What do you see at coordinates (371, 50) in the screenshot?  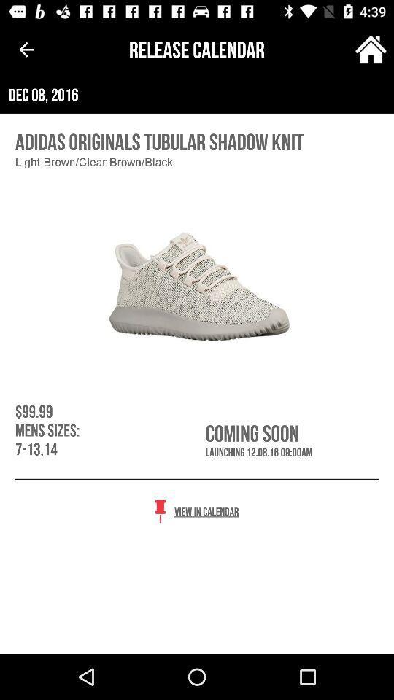 I see `icon at the top right corner` at bounding box center [371, 50].